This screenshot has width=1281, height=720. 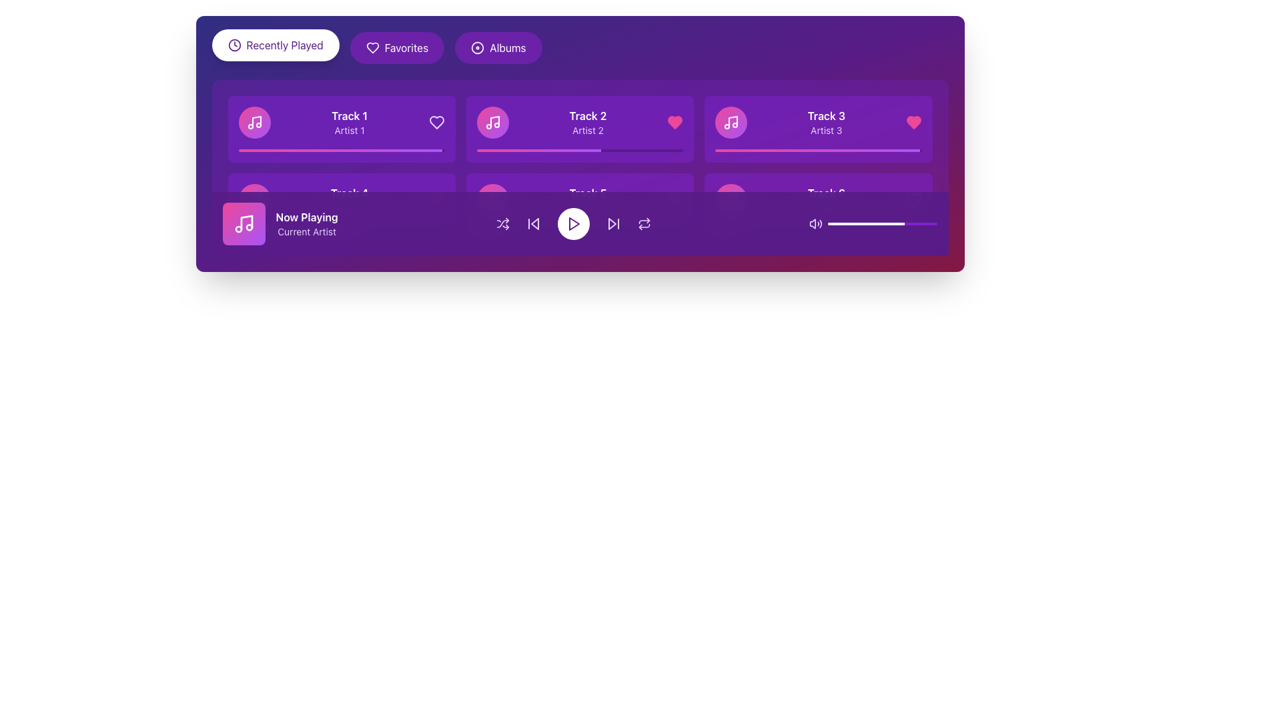 I want to click on the music icon, which is a sleek, modern representation of a musical note within a circular gradient background transitioning from pink to purple, located to the left of the label 'Now Playing', so click(x=254, y=200).